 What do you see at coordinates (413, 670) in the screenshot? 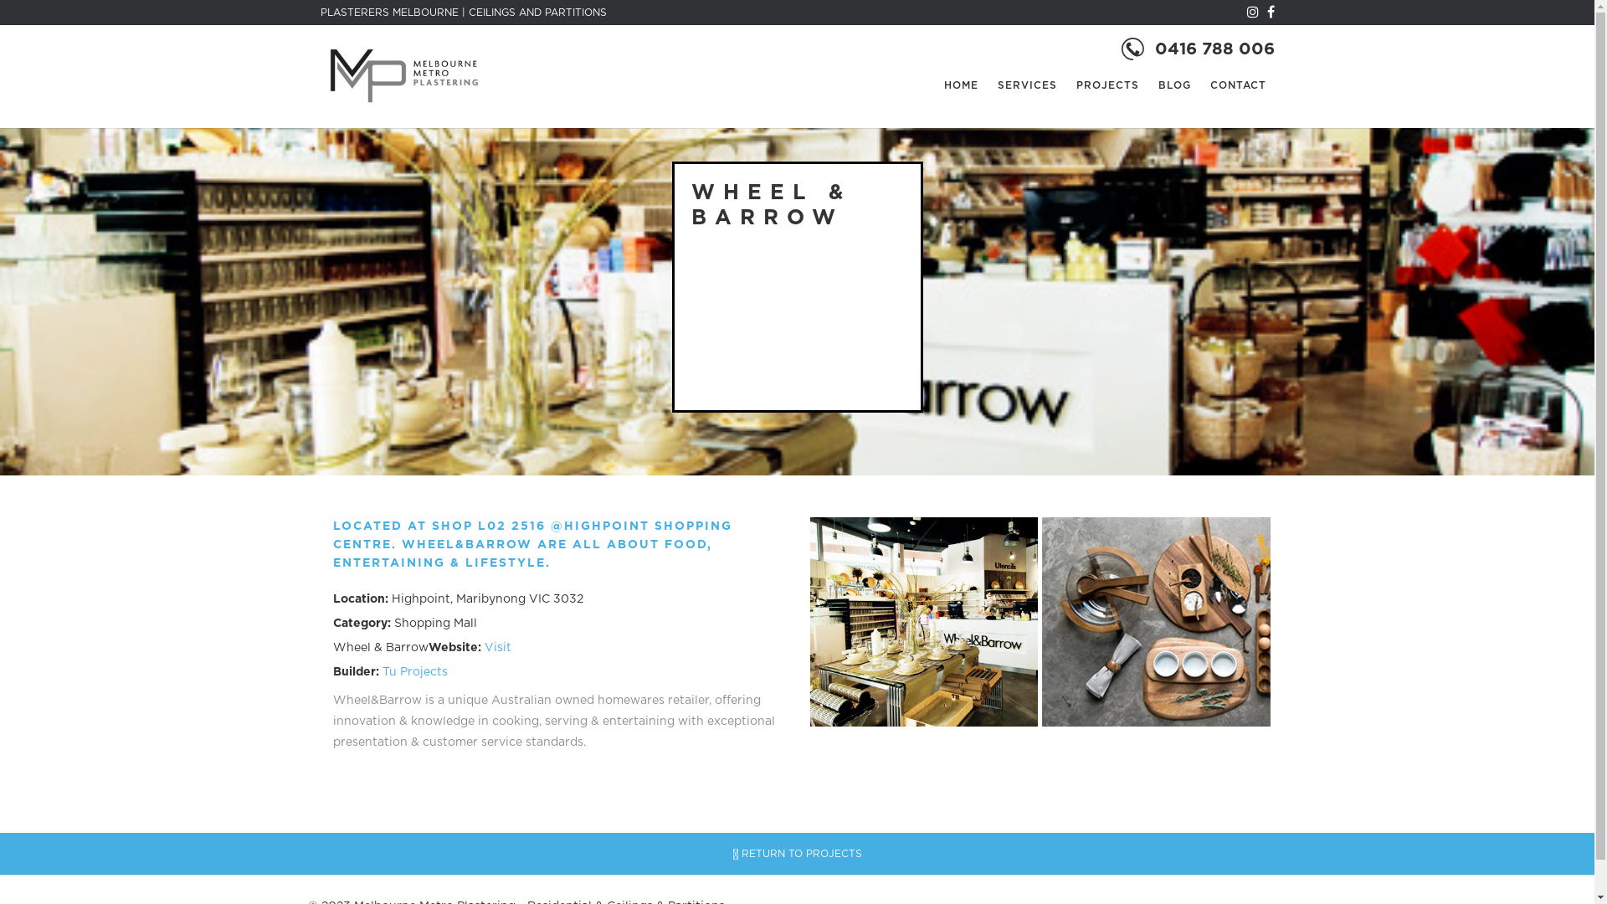
I see `'Tu Projects'` at bounding box center [413, 670].